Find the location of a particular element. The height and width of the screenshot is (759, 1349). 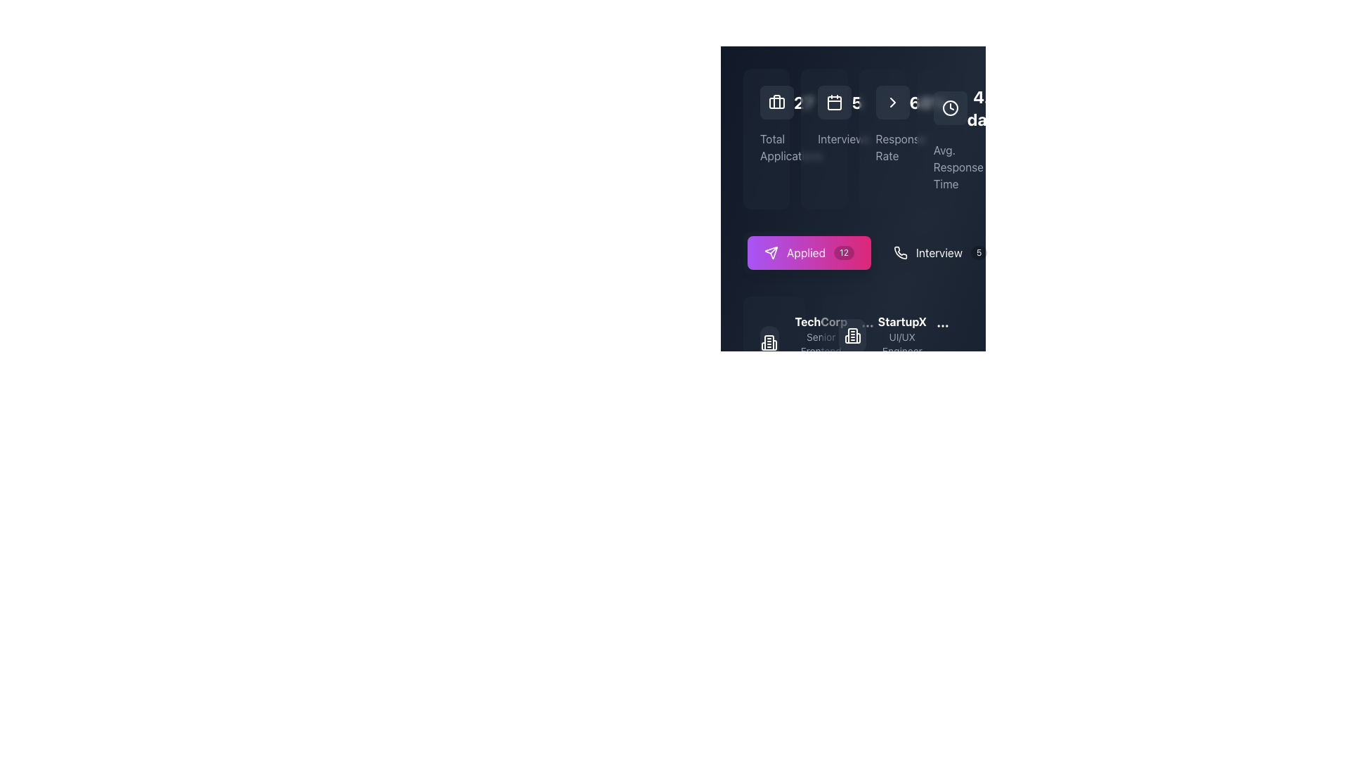

the company icon representing the organization associated with the job posting is located at coordinates (852, 336).